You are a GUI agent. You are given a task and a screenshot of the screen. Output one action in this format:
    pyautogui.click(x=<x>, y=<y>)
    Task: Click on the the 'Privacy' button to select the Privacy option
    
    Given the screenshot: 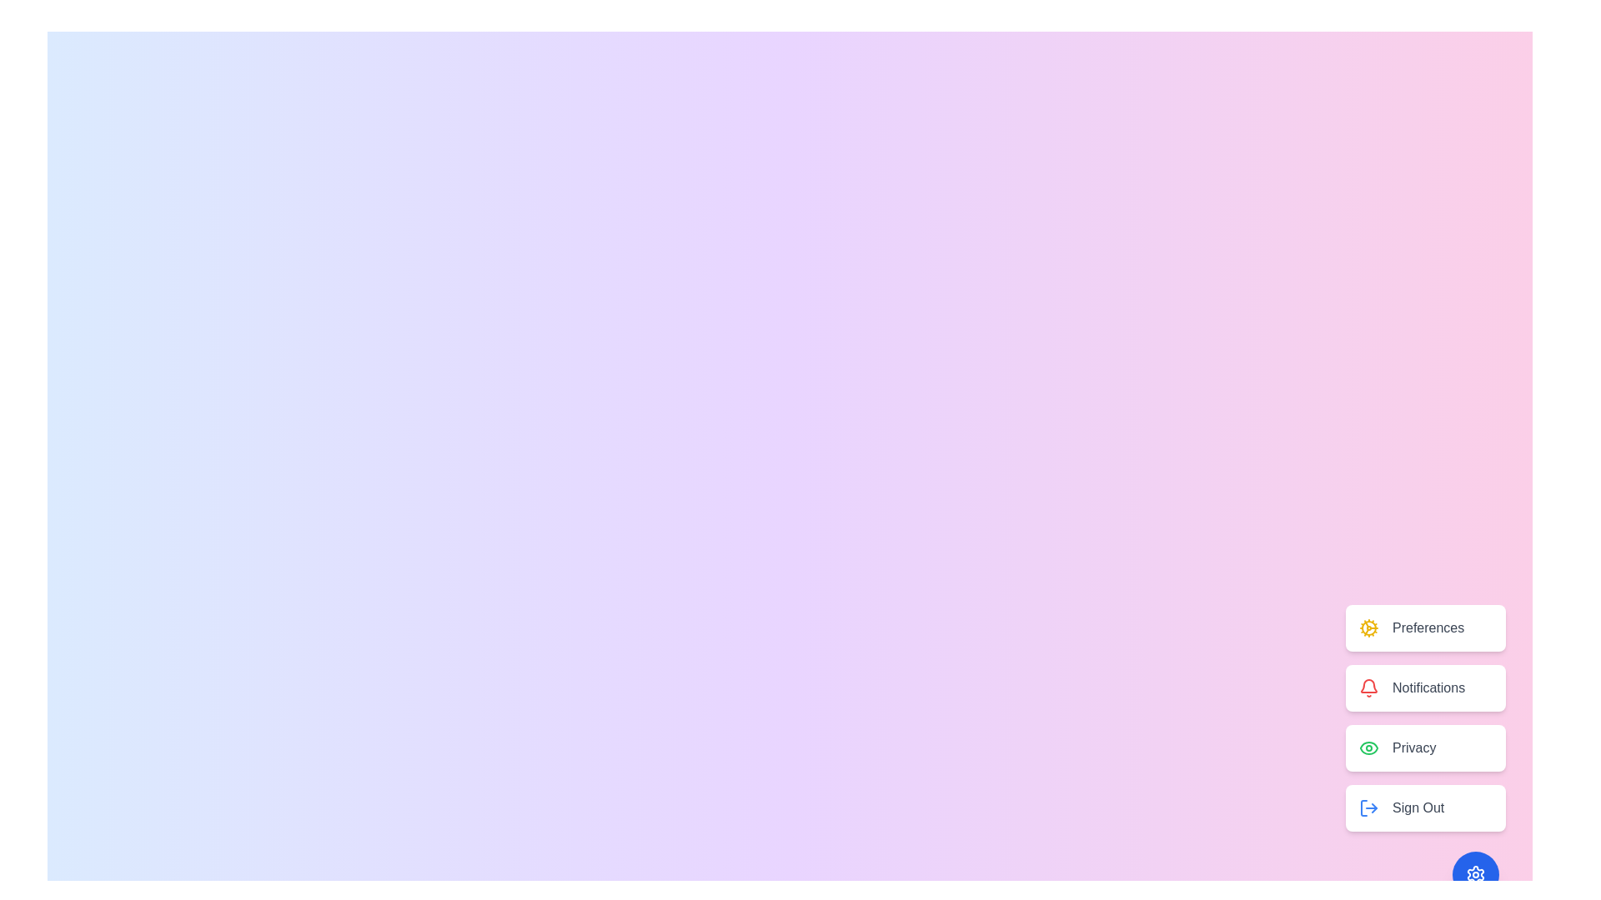 What is the action you would take?
    pyautogui.click(x=1424, y=747)
    